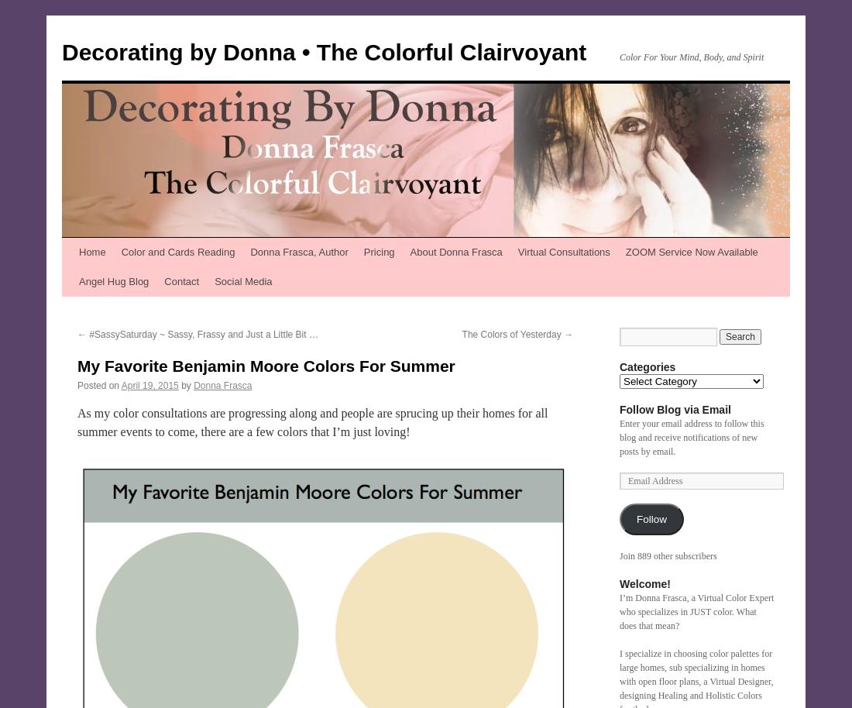 The height and width of the screenshot is (708, 852). What do you see at coordinates (119, 386) in the screenshot?
I see `'April 19, 2015'` at bounding box center [119, 386].